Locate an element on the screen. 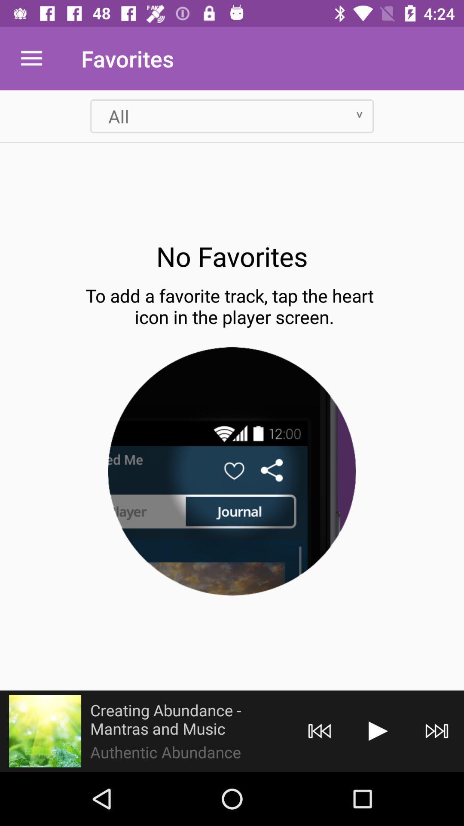 The width and height of the screenshot is (464, 826). the play icon is located at coordinates (378, 730).